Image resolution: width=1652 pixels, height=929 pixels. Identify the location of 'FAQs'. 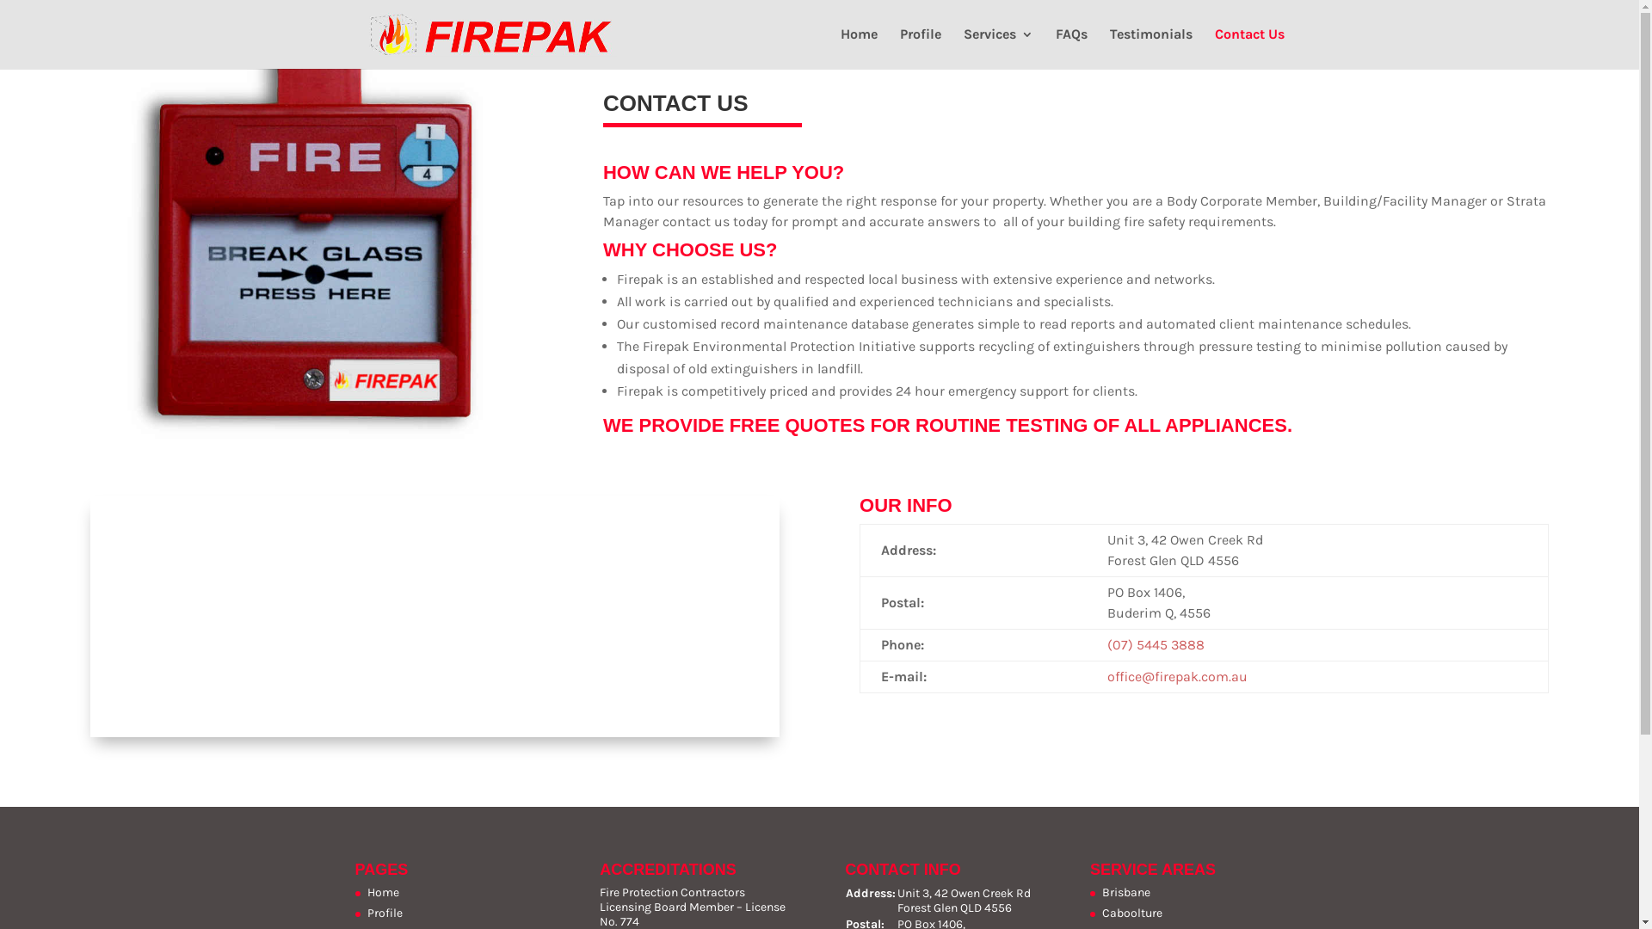
(1069, 47).